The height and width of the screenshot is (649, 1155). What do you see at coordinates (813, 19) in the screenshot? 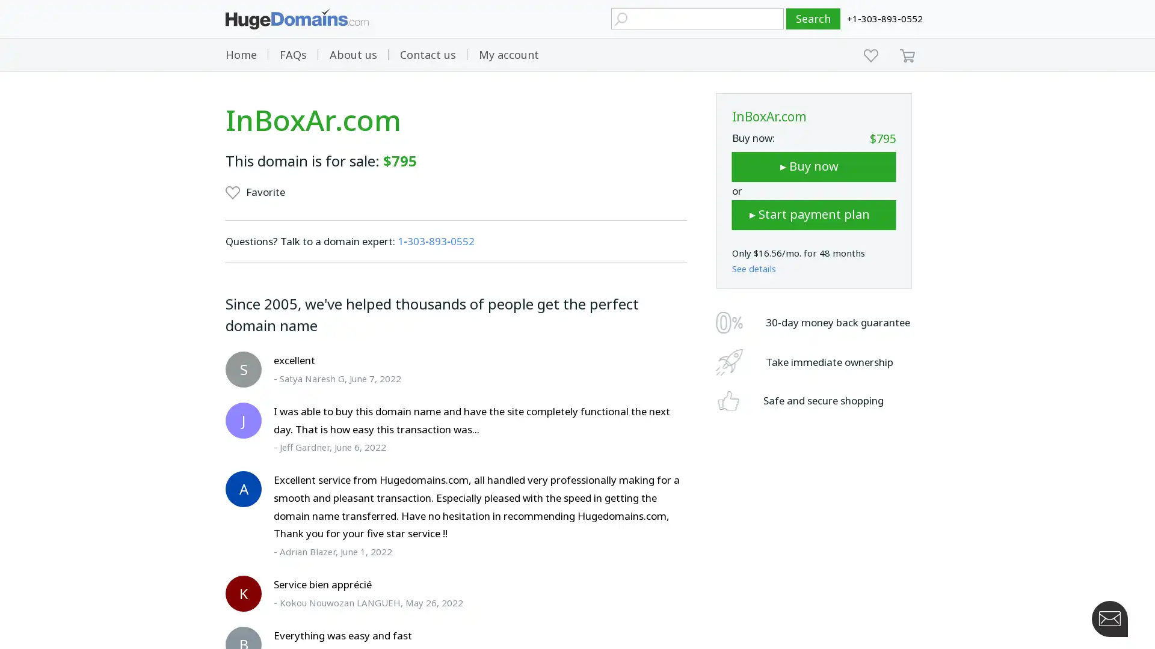
I see `Search` at bounding box center [813, 19].